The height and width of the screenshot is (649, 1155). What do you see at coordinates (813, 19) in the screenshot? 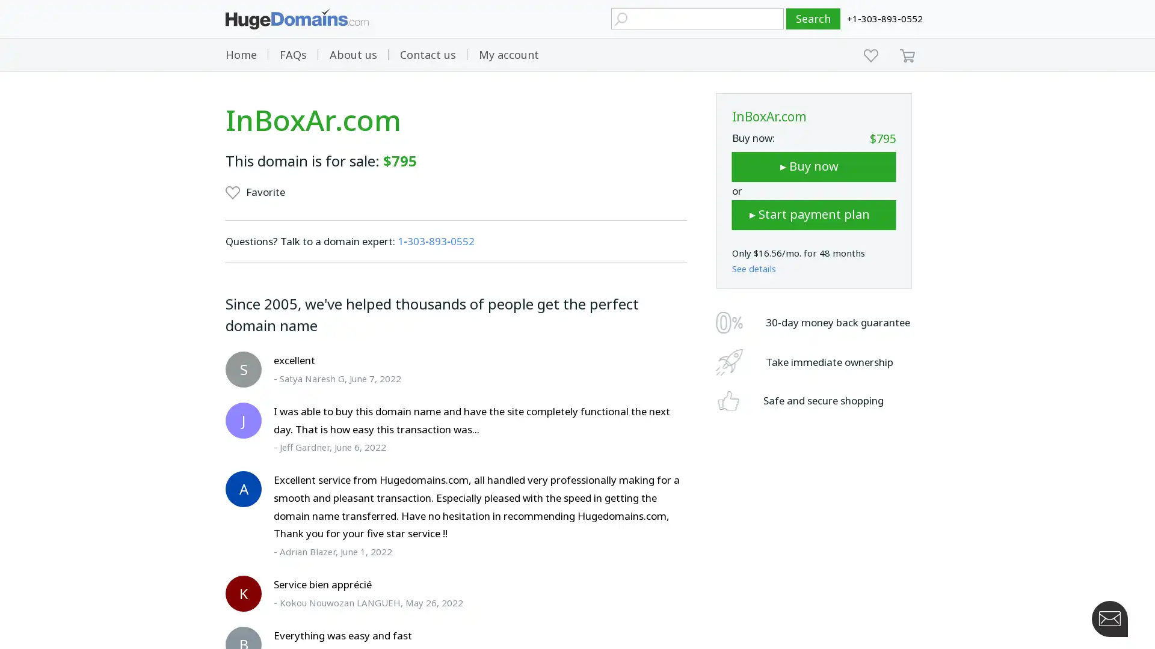
I see `Search` at bounding box center [813, 19].